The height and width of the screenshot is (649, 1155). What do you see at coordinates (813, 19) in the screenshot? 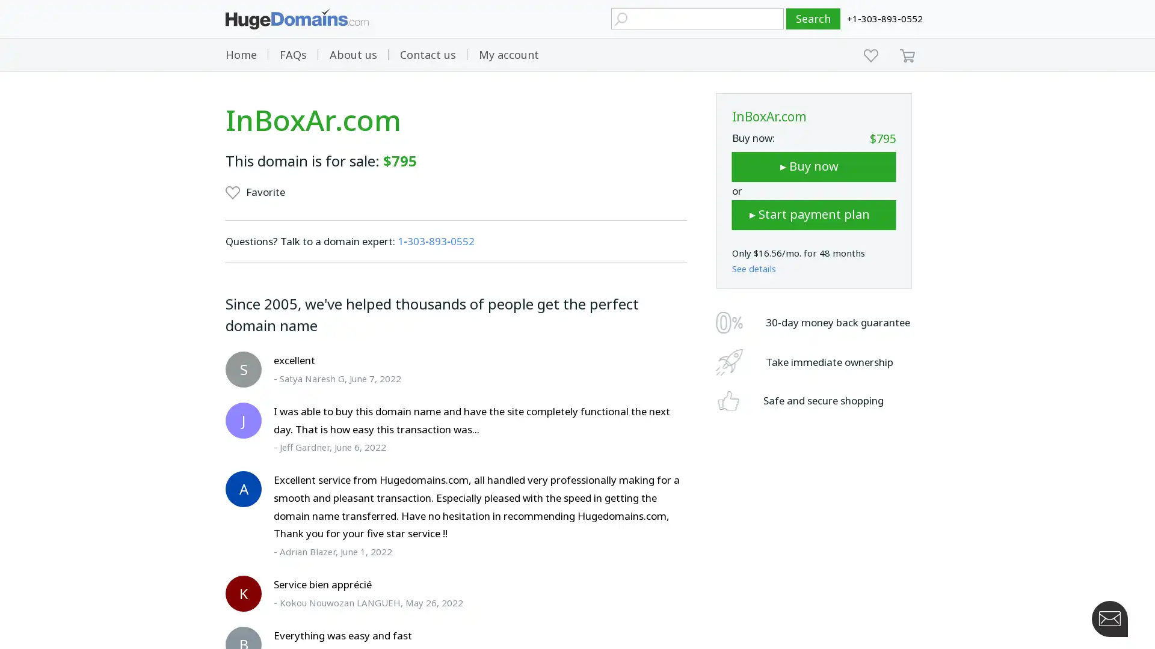
I see `Search` at bounding box center [813, 19].